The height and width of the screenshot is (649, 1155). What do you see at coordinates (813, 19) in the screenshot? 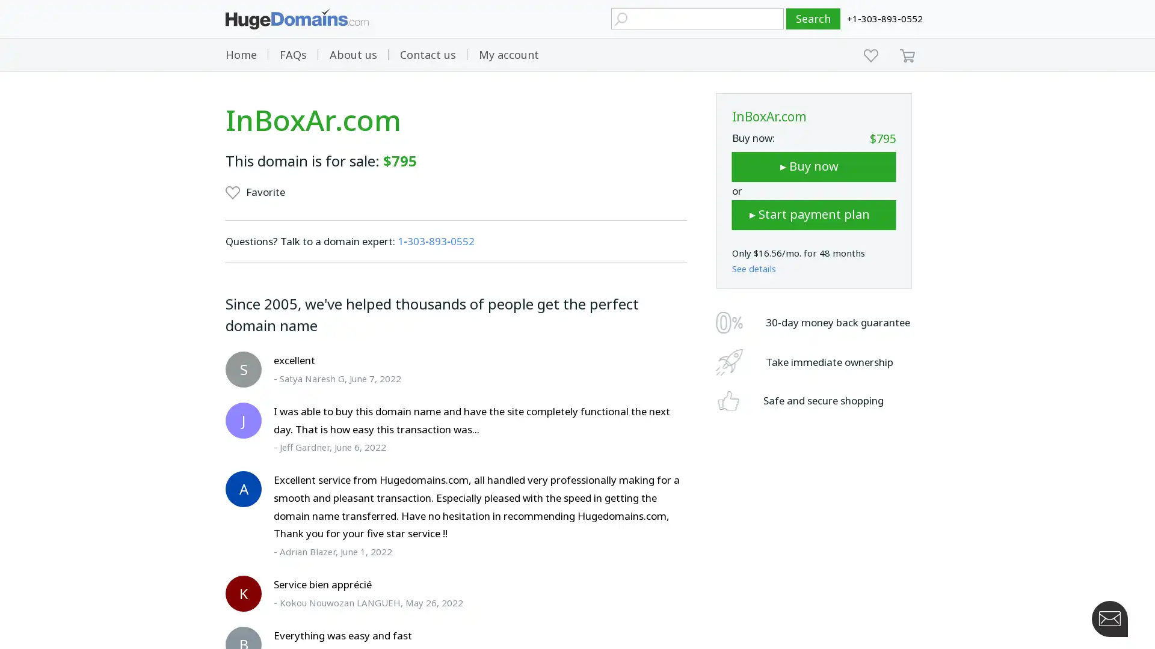
I see `Search` at bounding box center [813, 19].